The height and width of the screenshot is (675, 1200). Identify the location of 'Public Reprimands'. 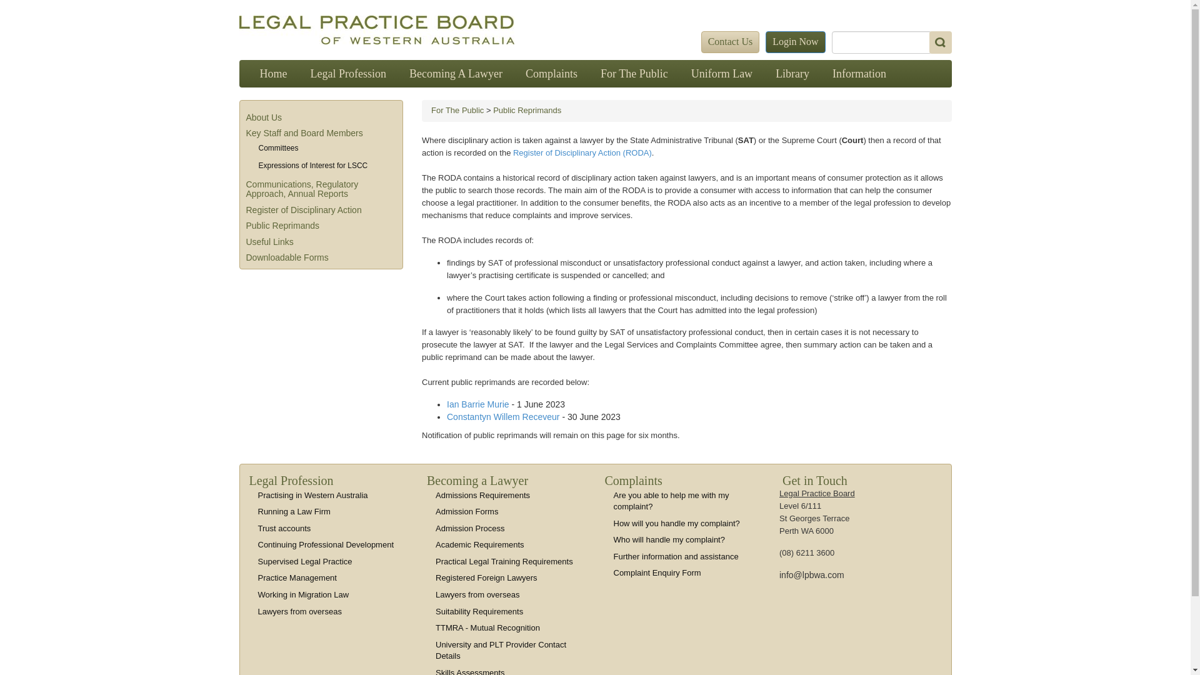
(282, 226).